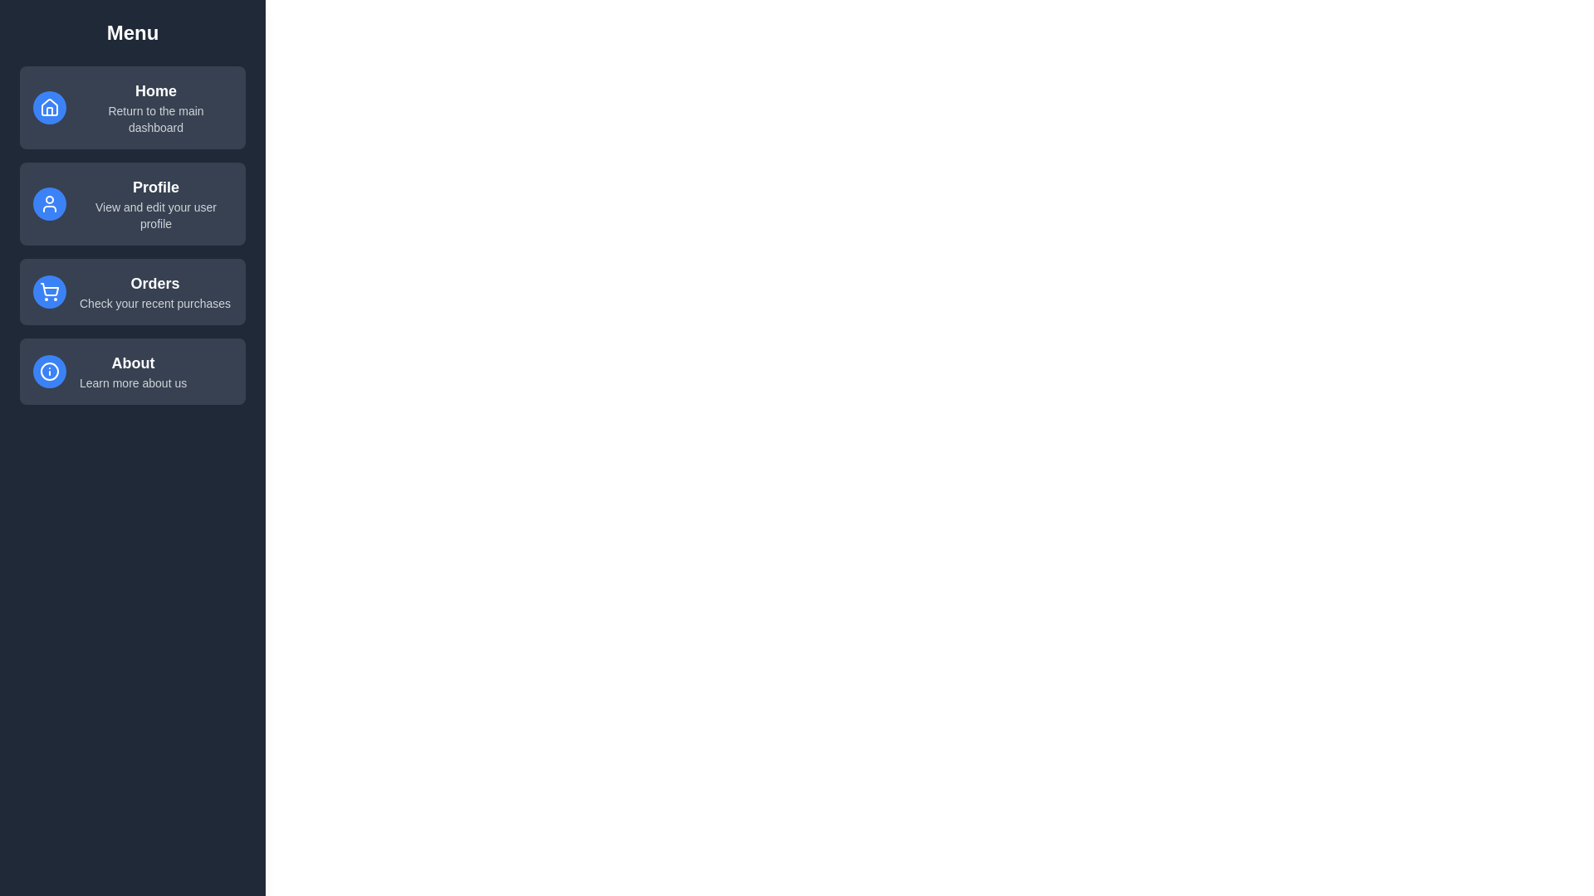  What do you see at coordinates (131, 290) in the screenshot?
I see `the menu item labeled Orders to select it` at bounding box center [131, 290].